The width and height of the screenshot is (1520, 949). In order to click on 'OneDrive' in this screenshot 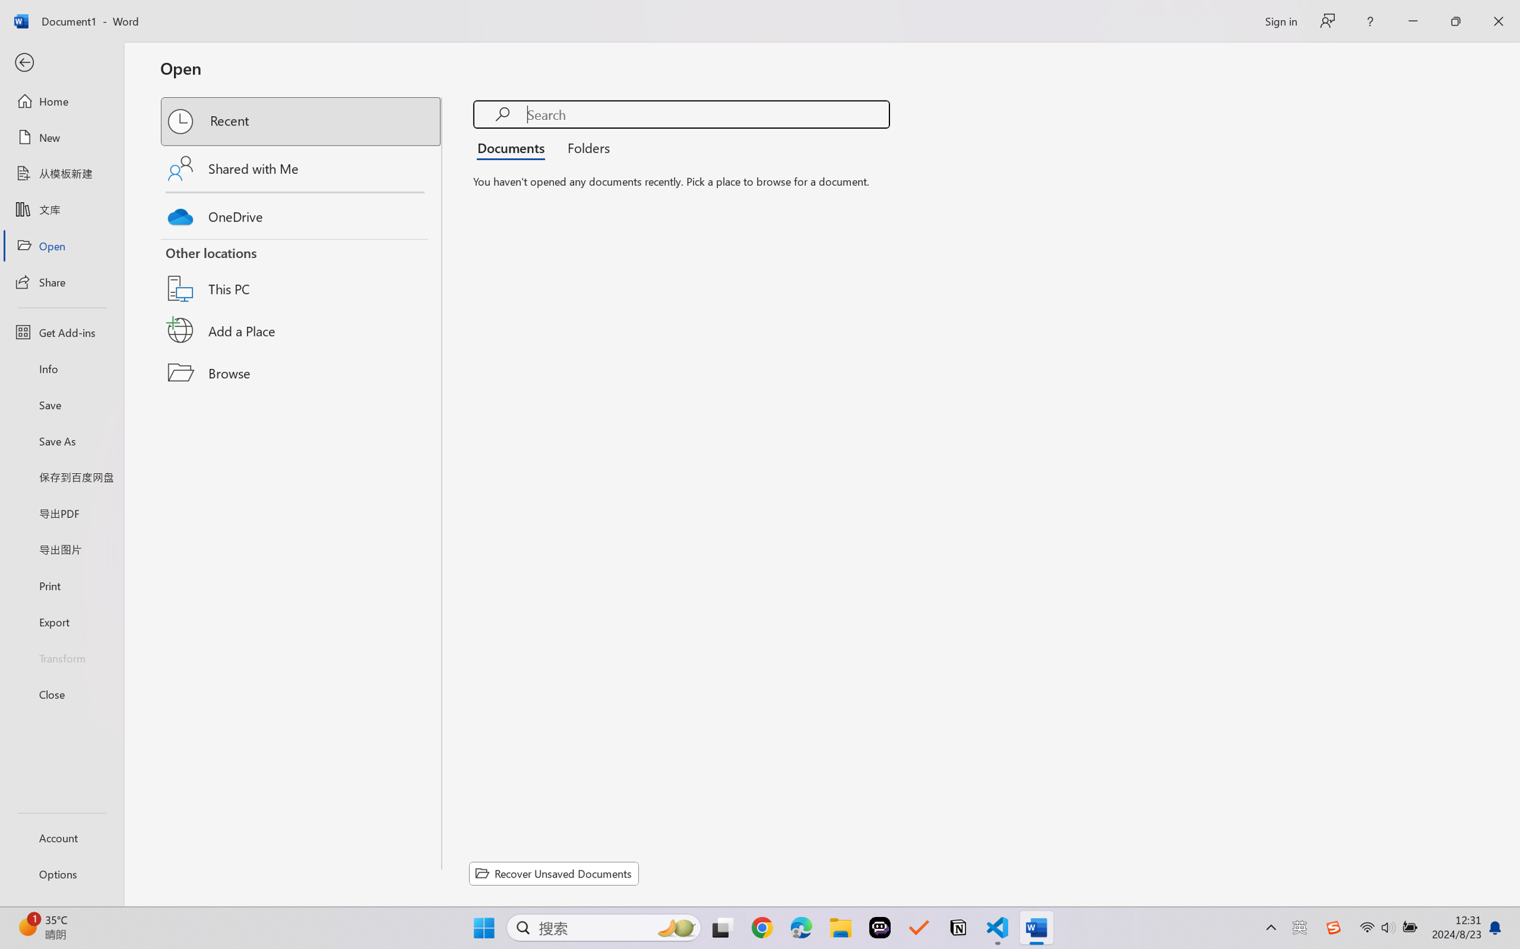, I will do `click(301, 213)`.